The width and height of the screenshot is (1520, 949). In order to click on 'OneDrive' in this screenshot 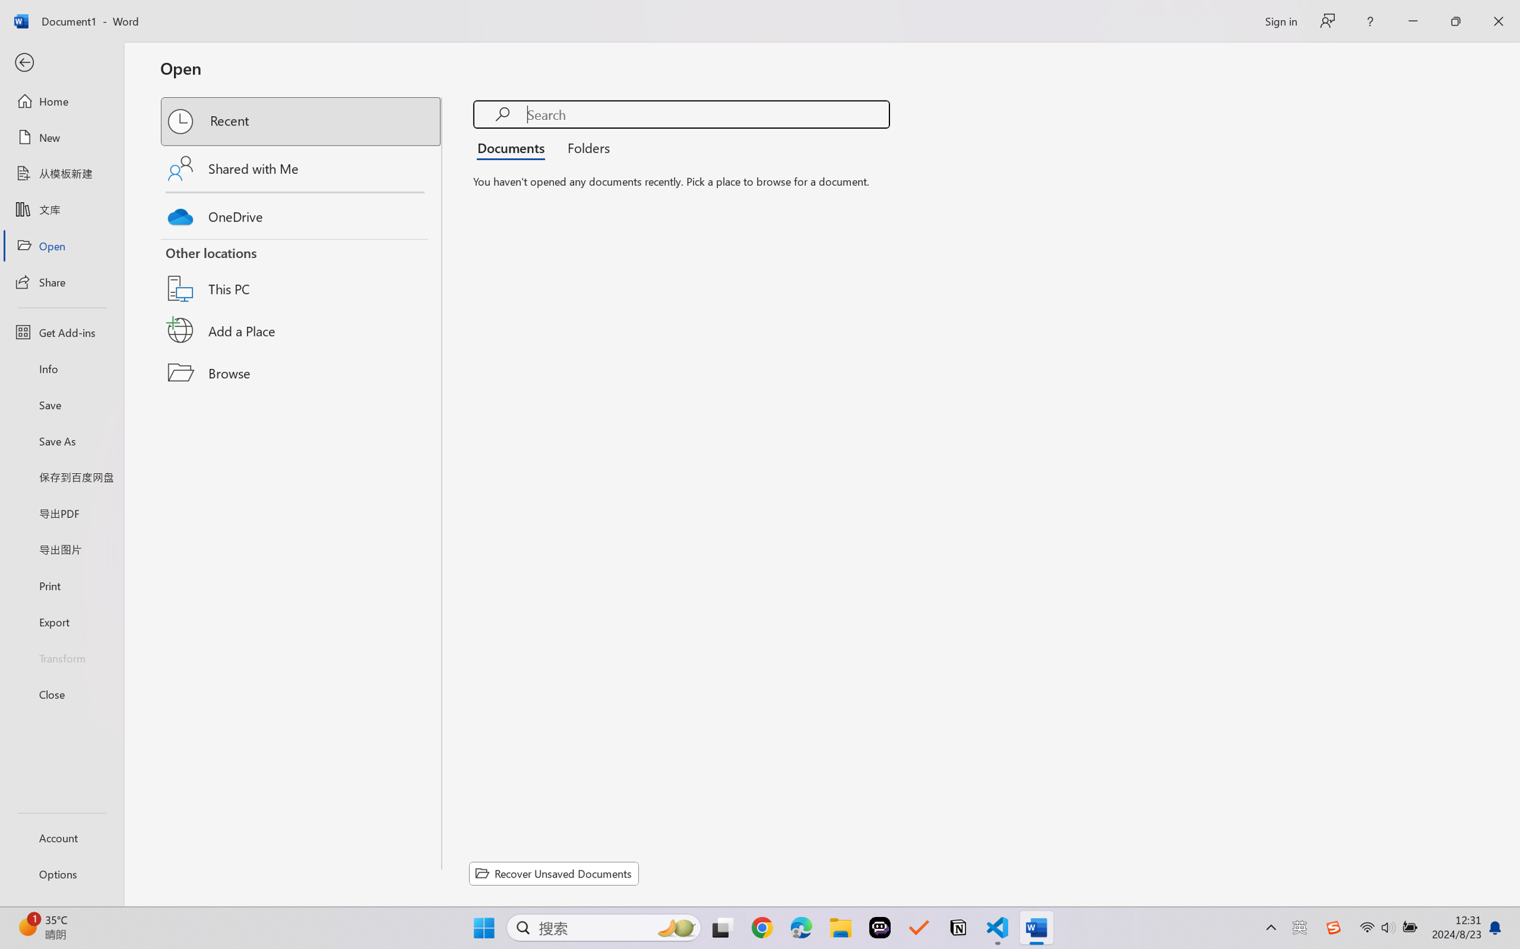, I will do `click(301, 213)`.